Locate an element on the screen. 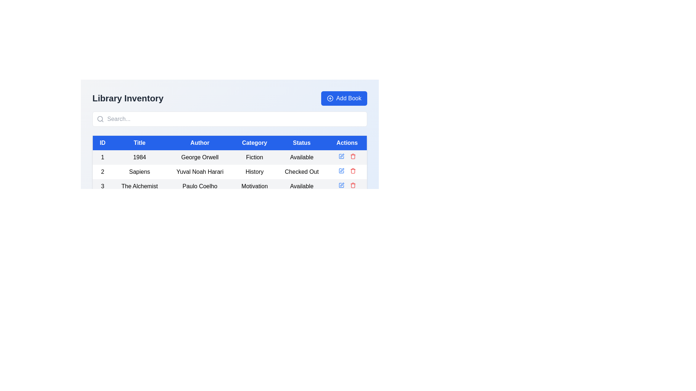 The width and height of the screenshot is (696, 391). the static text element displaying the digit '3', which is located in the leftmost column under the 'ID' heading for the entry 'The Alchemist' in the third row of the table is located at coordinates (102, 186).